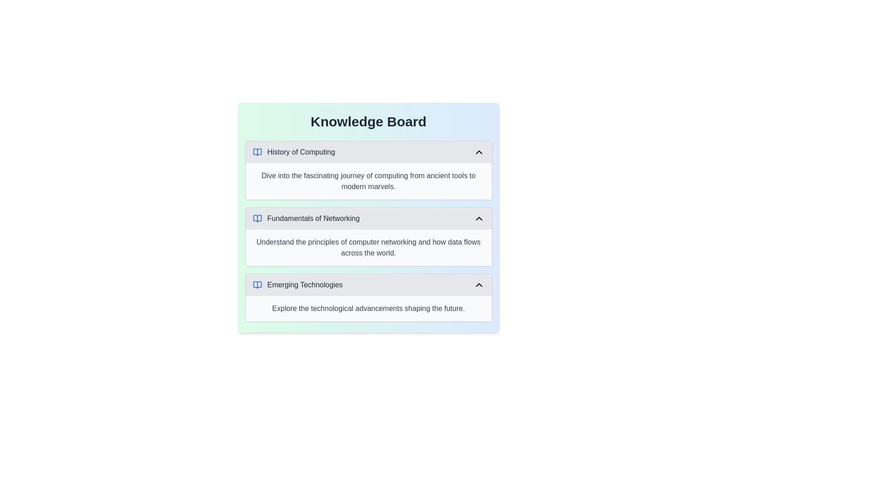 This screenshot has height=491, width=872. I want to click on the upward-pointing chevron icon located on the right-hand side of the 'History of Computing' section, so click(478, 152).